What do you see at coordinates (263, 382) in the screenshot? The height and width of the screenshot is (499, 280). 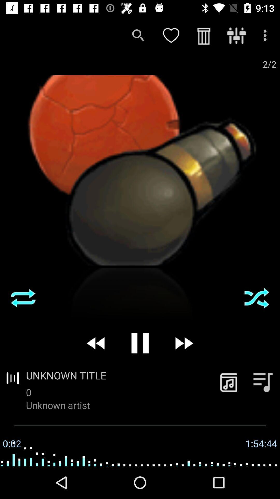 I see `playlists page` at bounding box center [263, 382].